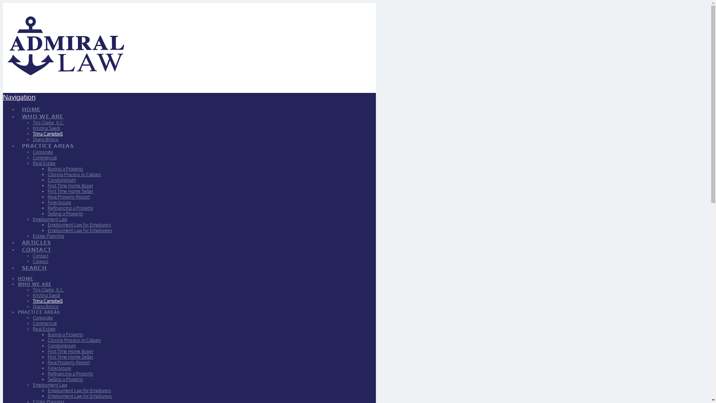 This screenshot has width=716, height=403. Describe the element at coordinates (18, 263) in the screenshot. I see `'SEARCH'` at that location.